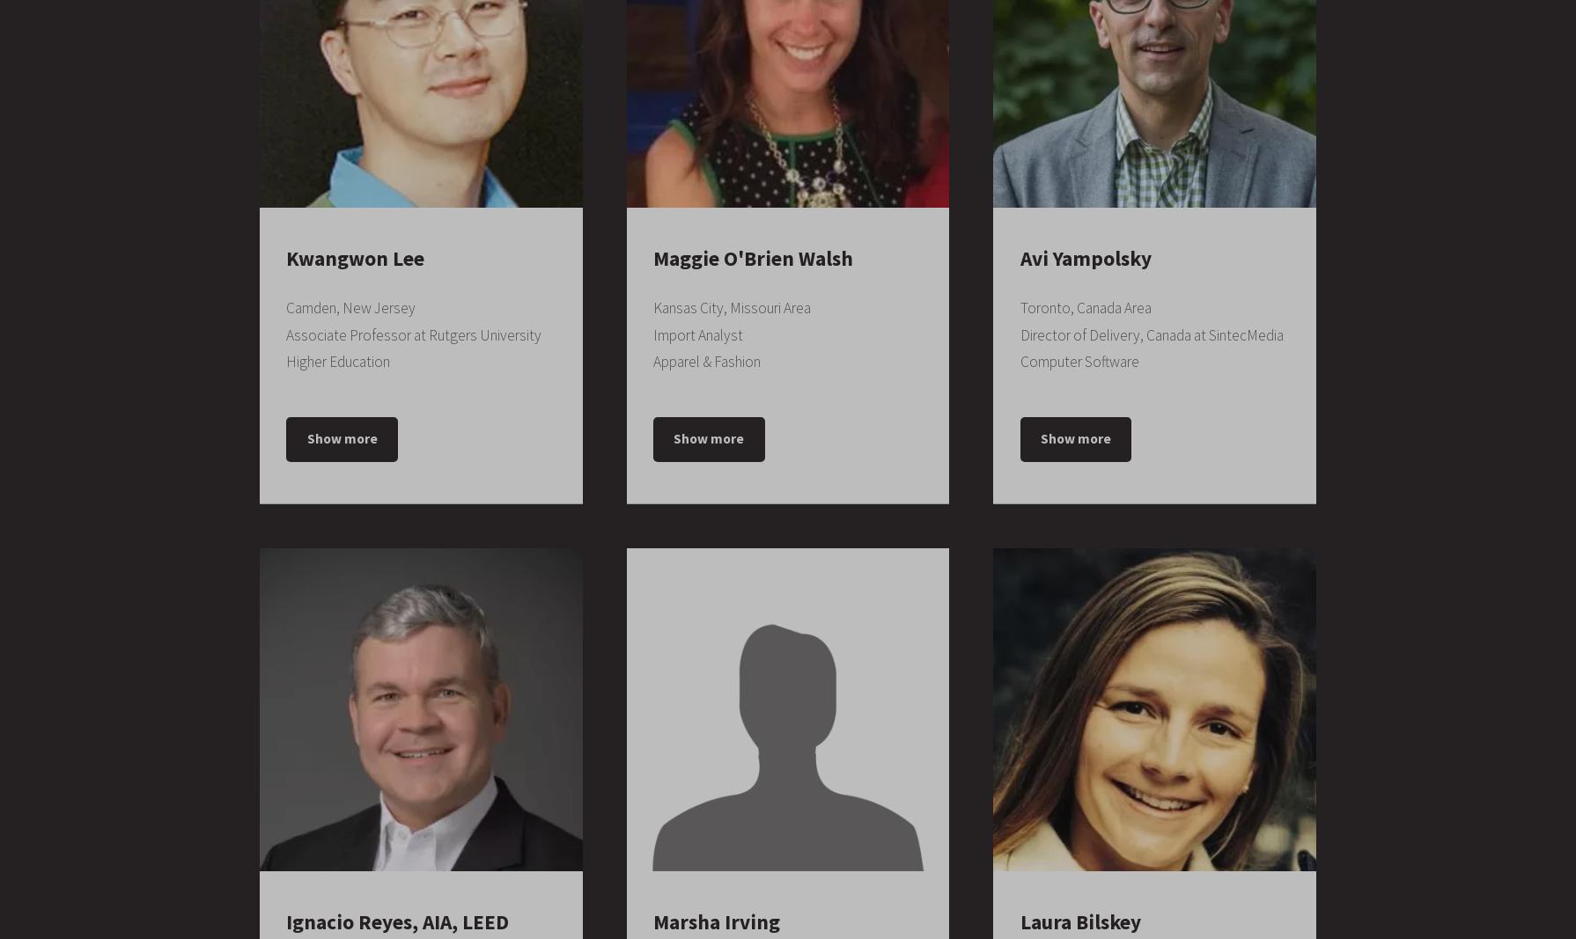 This screenshot has width=1576, height=939. What do you see at coordinates (286, 217) in the screenshot?
I see `'September 2005 – September 2008'` at bounding box center [286, 217].